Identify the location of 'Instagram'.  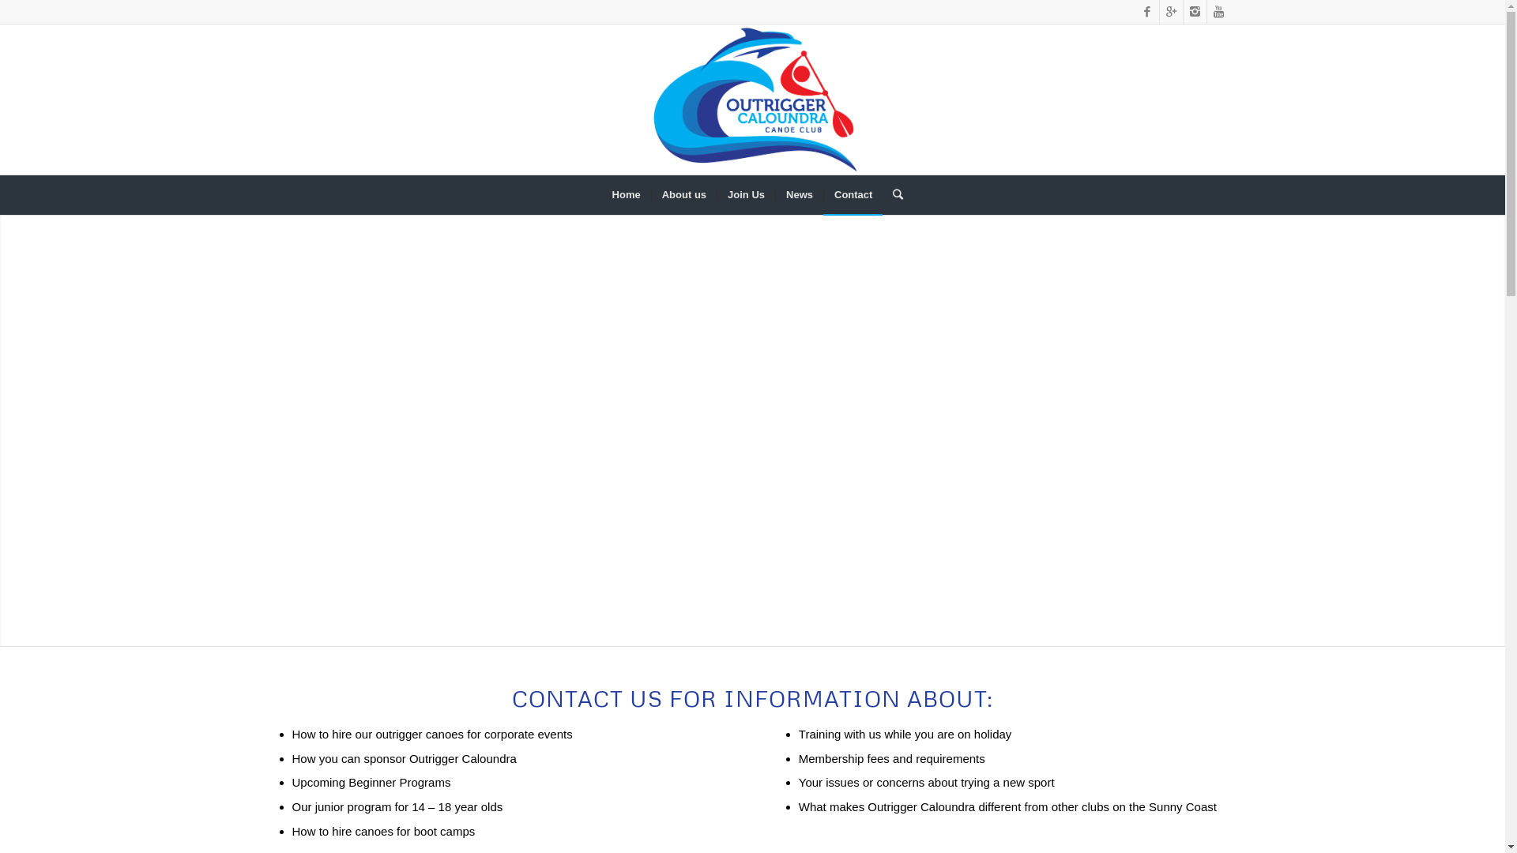
(1195, 12).